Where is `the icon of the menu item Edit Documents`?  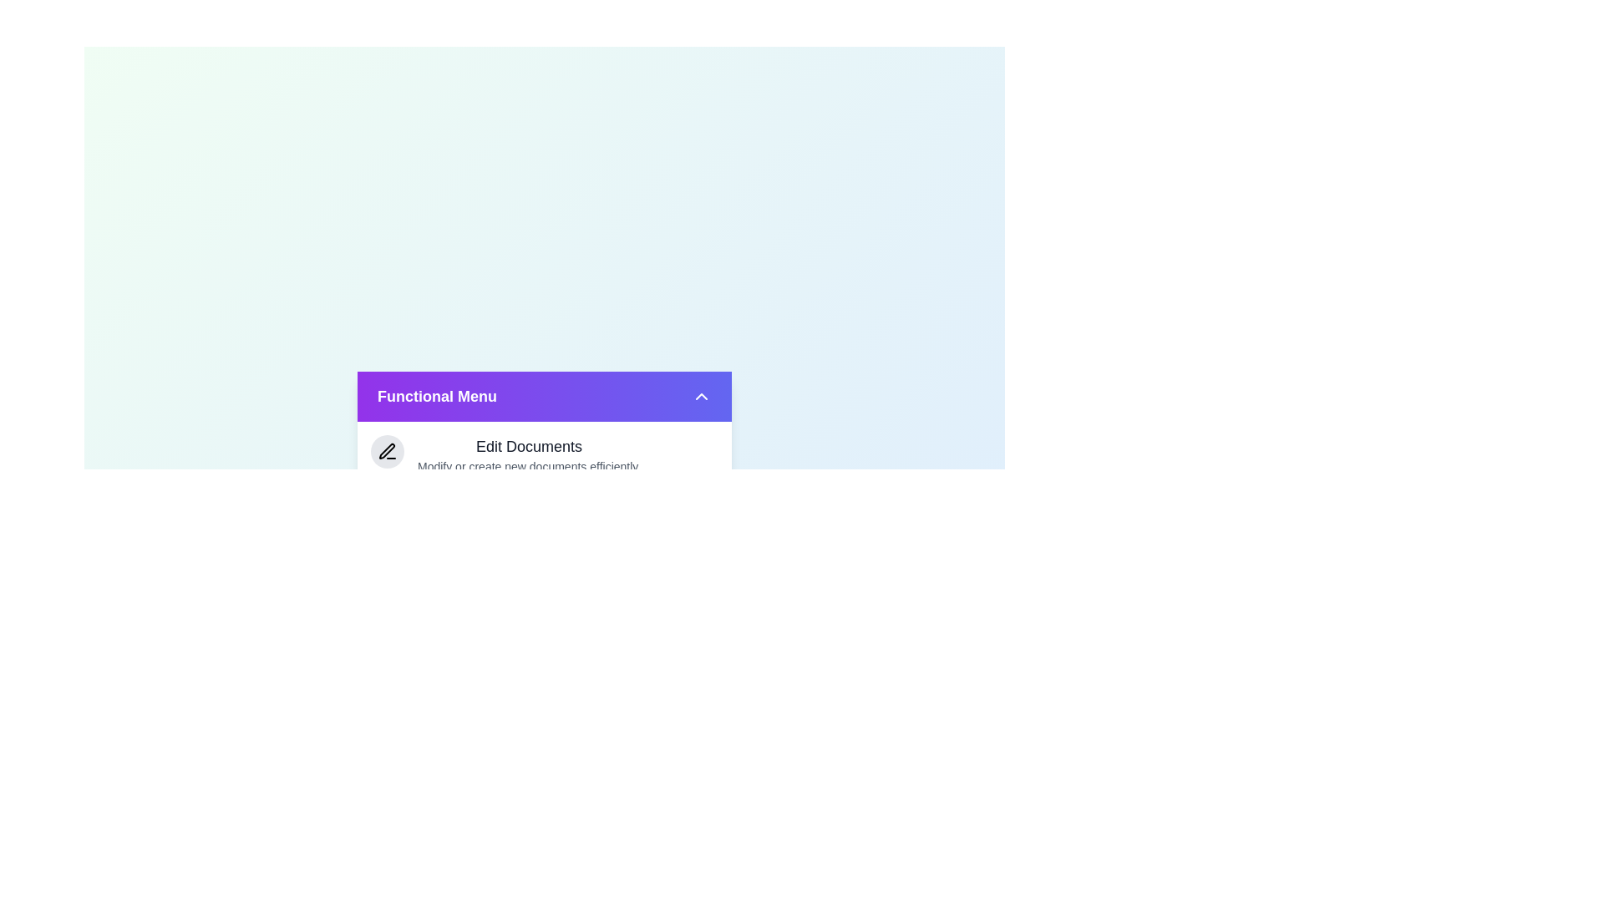
the icon of the menu item Edit Documents is located at coordinates (387, 451).